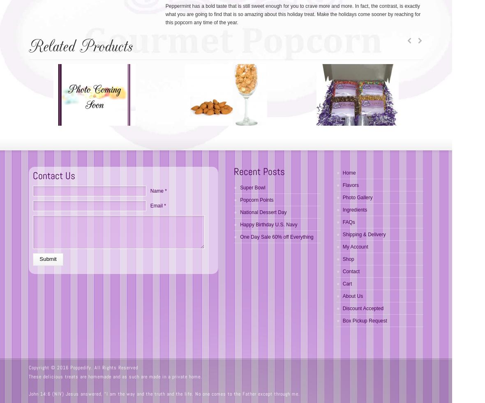 The width and height of the screenshot is (485, 403). What do you see at coordinates (364, 235) in the screenshot?
I see `'Shipping & Delivery'` at bounding box center [364, 235].